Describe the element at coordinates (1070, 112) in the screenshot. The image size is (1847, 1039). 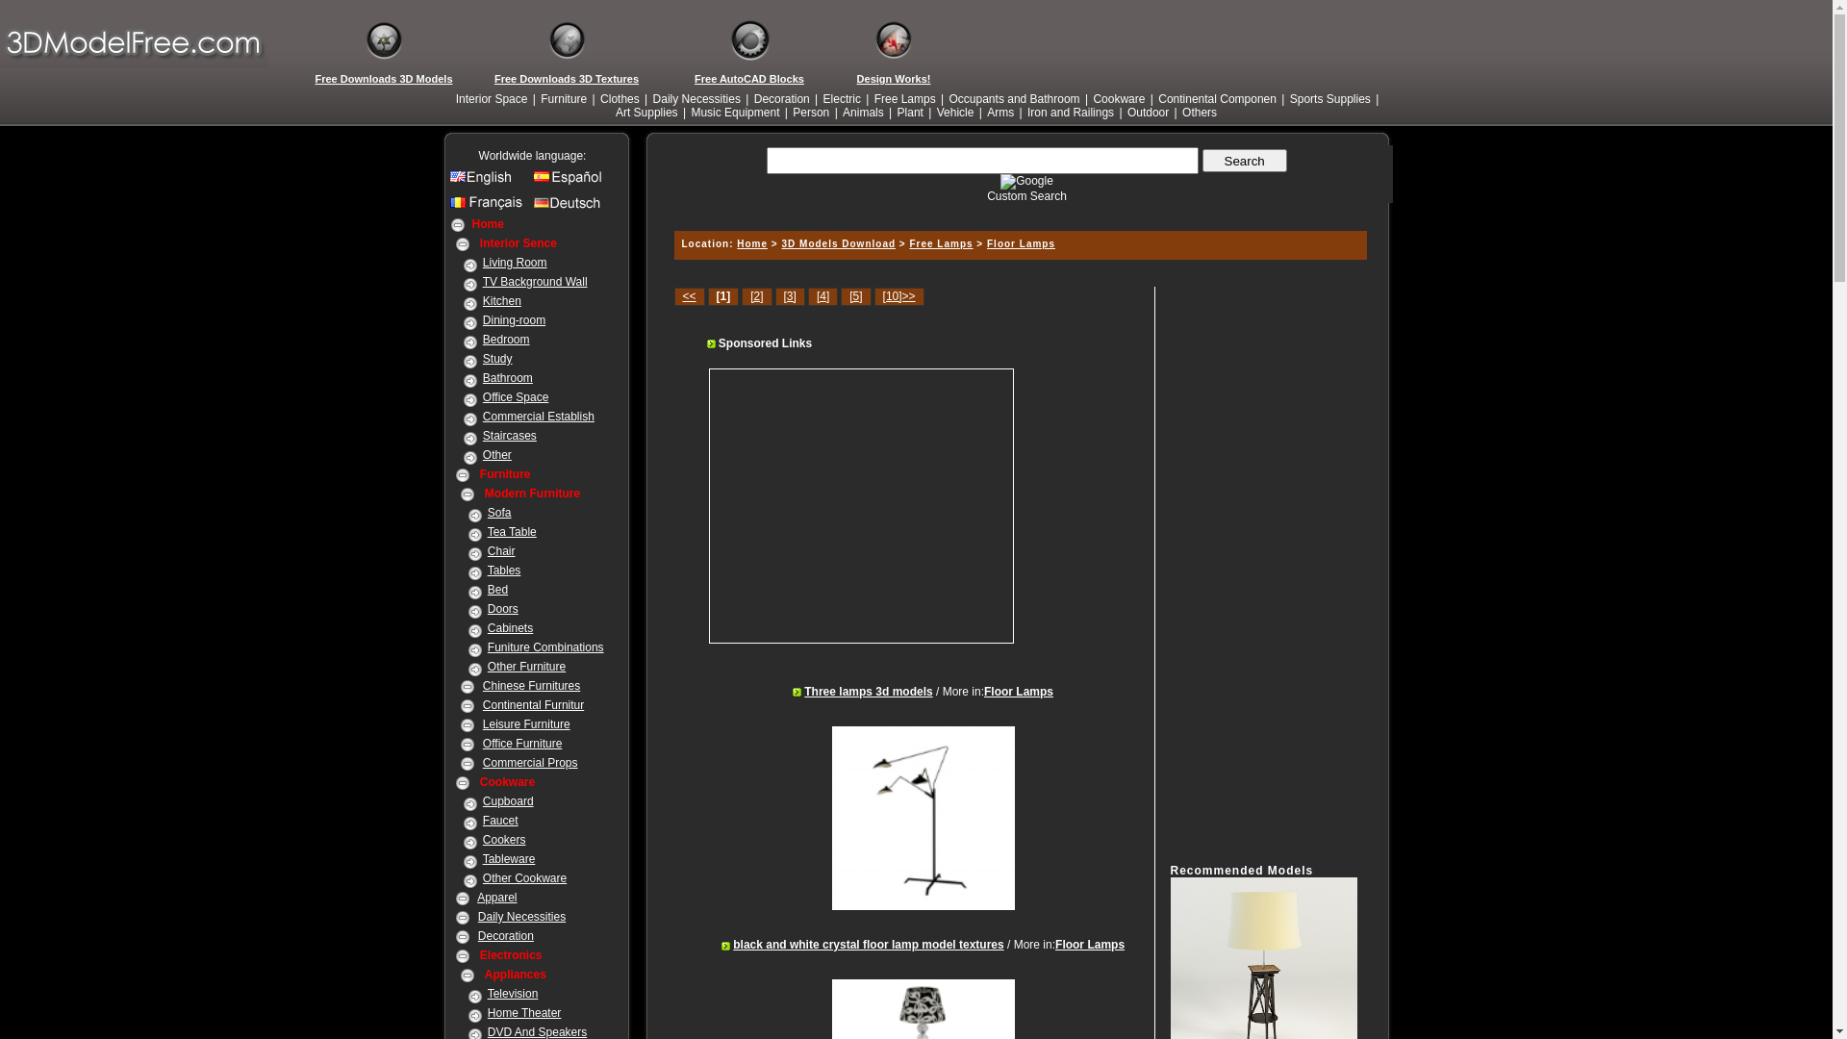
I see `'Iron and Railings'` at that location.